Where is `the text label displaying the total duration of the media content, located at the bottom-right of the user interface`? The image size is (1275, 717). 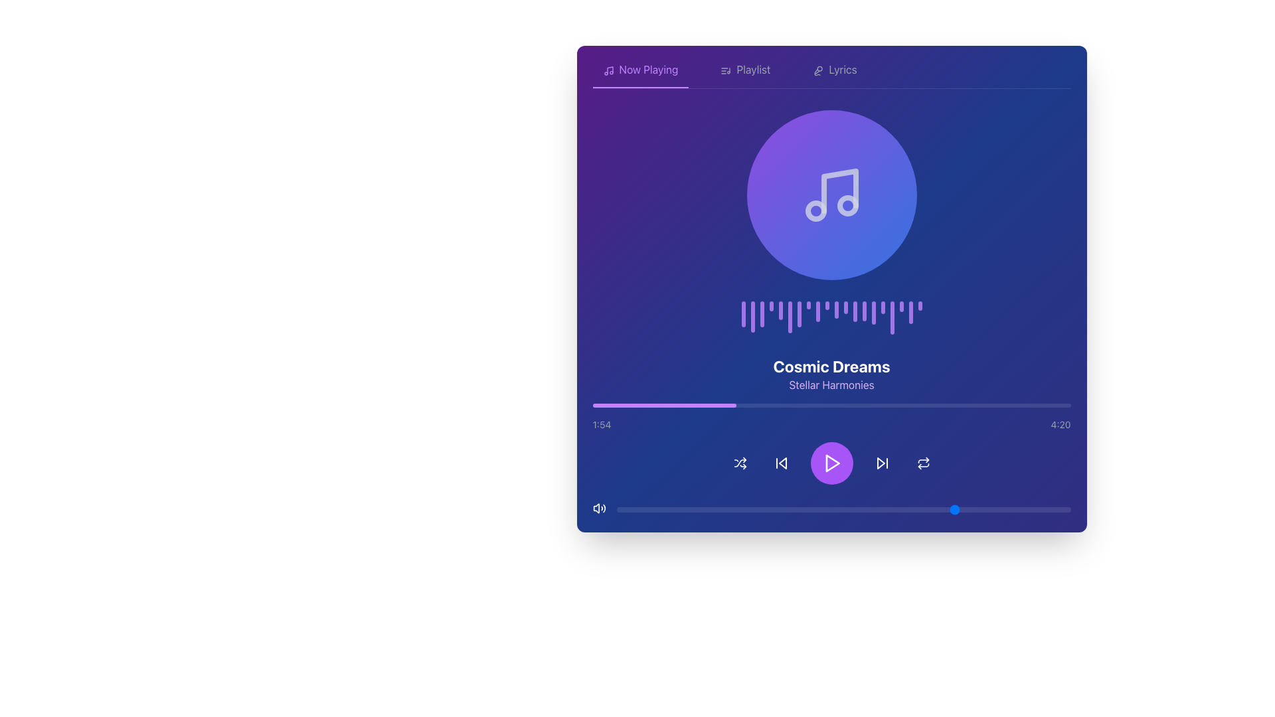
the text label displaying the total duration of the media content, located at the bottom-right of the user interface is located at coordinates (1060, 425).